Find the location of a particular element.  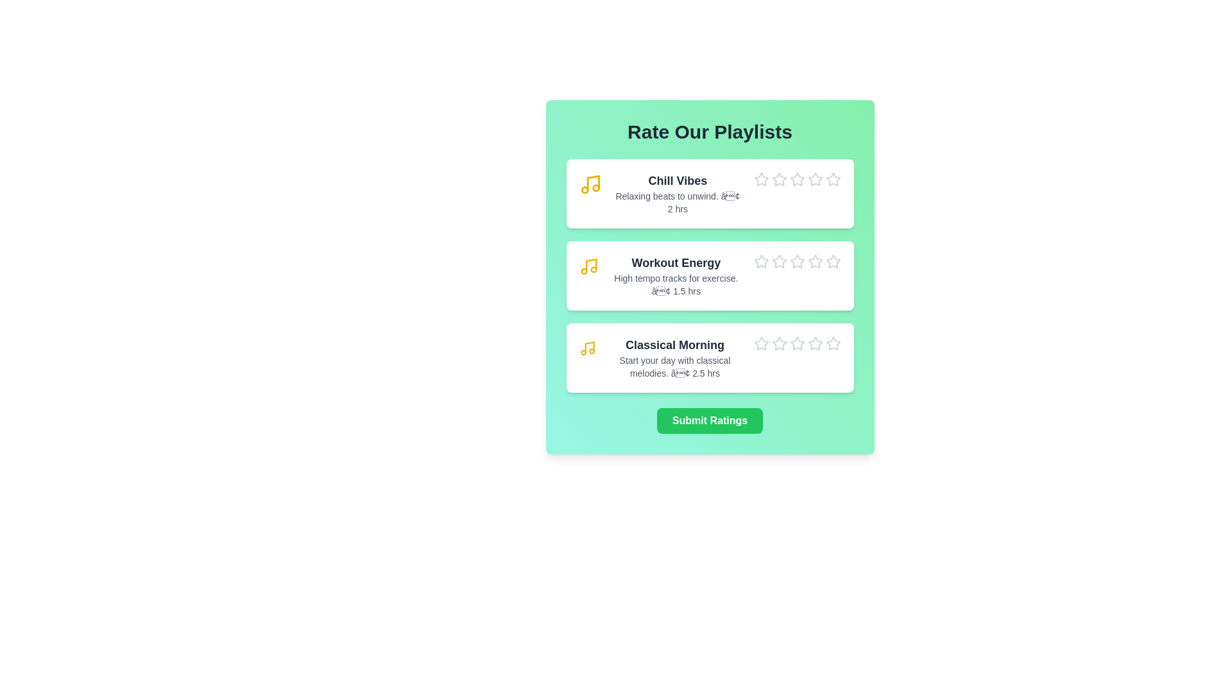

the star icon corresponding to 1 stars for the playlist Chill Vibes is located at coordinates (753, 171).